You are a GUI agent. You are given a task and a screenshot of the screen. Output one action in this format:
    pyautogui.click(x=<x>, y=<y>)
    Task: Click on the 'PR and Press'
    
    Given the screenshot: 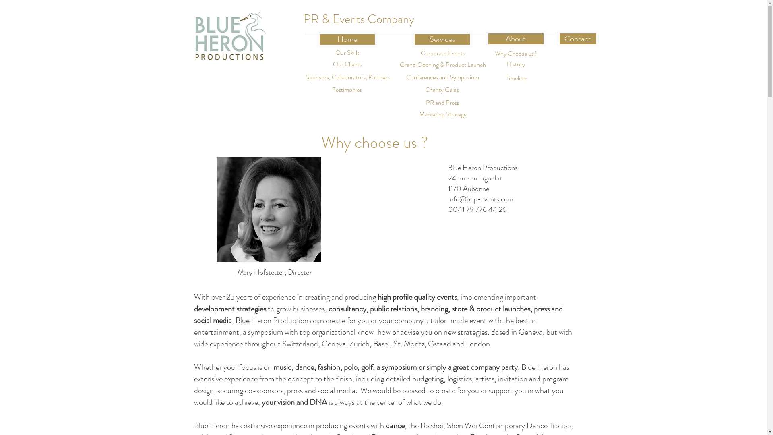 What is the action you would take?
    pyautogui.click(x=442, y=102)
    